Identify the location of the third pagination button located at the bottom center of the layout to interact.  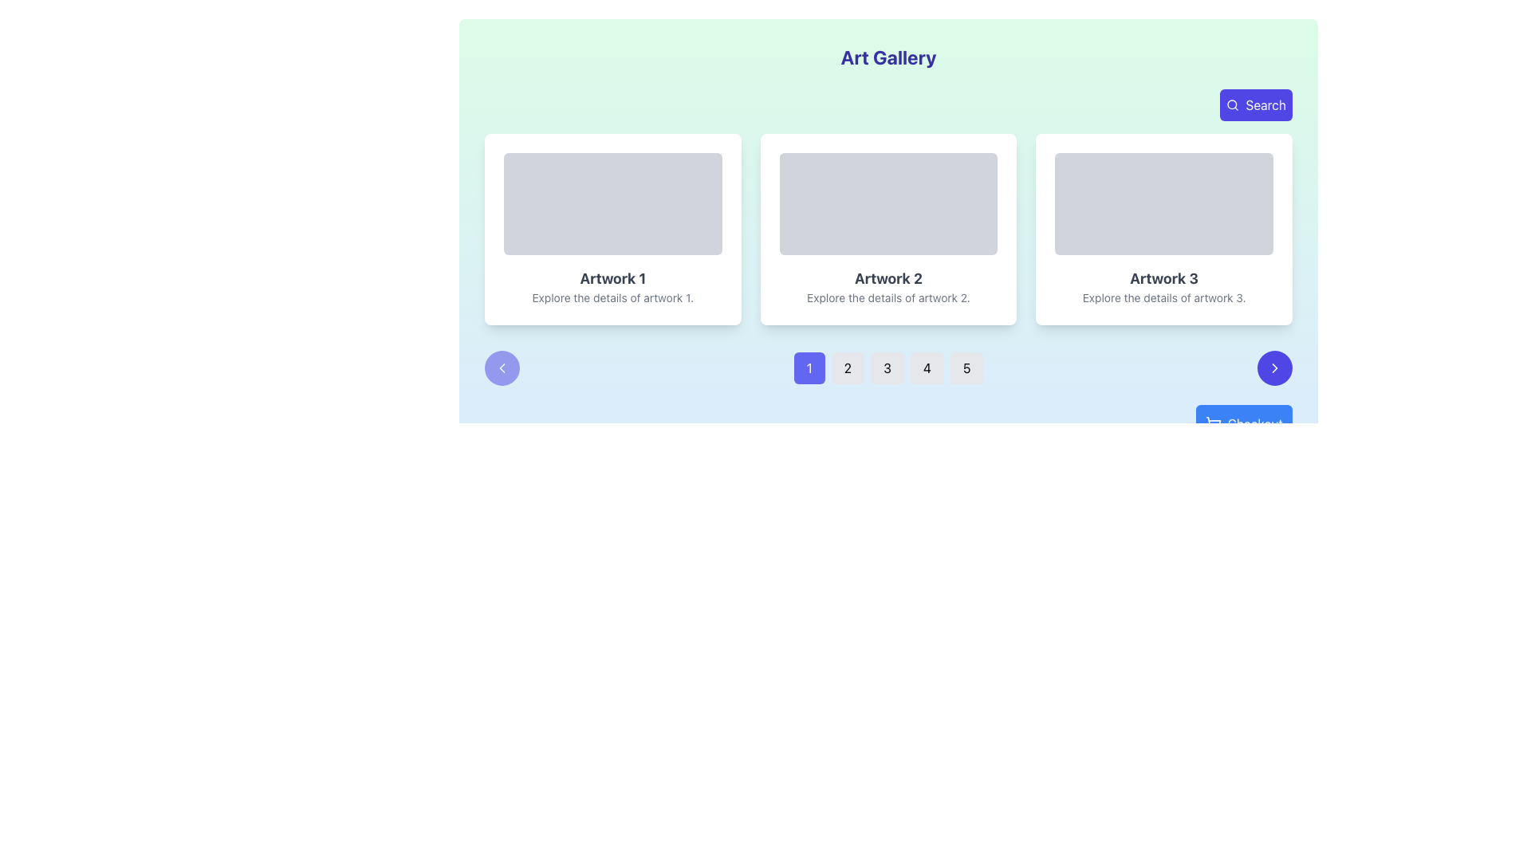
(887, 368).